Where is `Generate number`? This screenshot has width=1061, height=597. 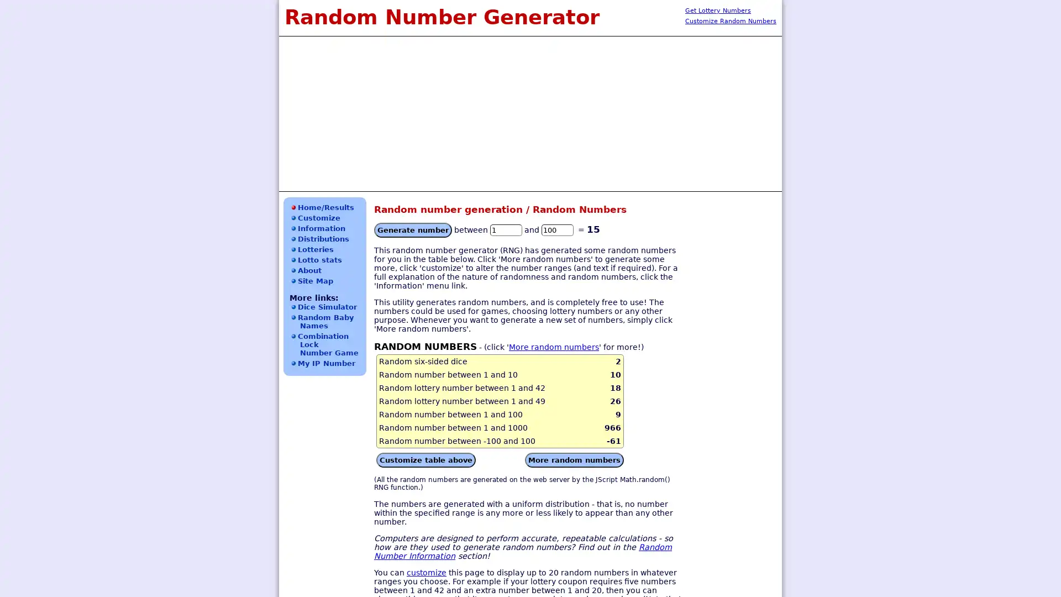 Generate number is located at coordinates (412, 229).